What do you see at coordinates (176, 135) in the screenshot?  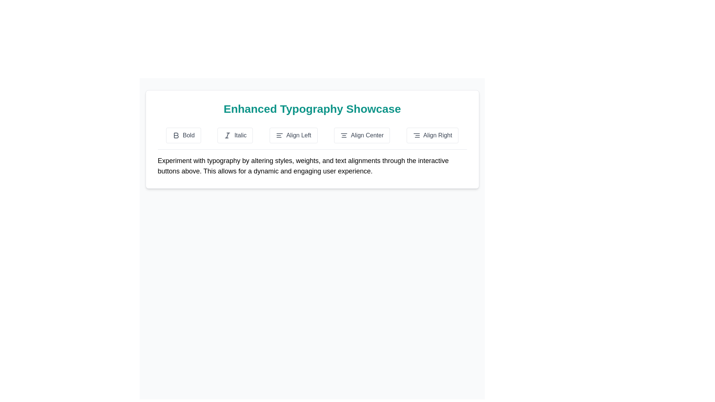 I see `the 'Bold' icon button, which is the first item in a horizontal row of typography tools located at the top-left of the control panel just below the title 'Enhanced Typography Showcase'` at bounding box center [176, 135].